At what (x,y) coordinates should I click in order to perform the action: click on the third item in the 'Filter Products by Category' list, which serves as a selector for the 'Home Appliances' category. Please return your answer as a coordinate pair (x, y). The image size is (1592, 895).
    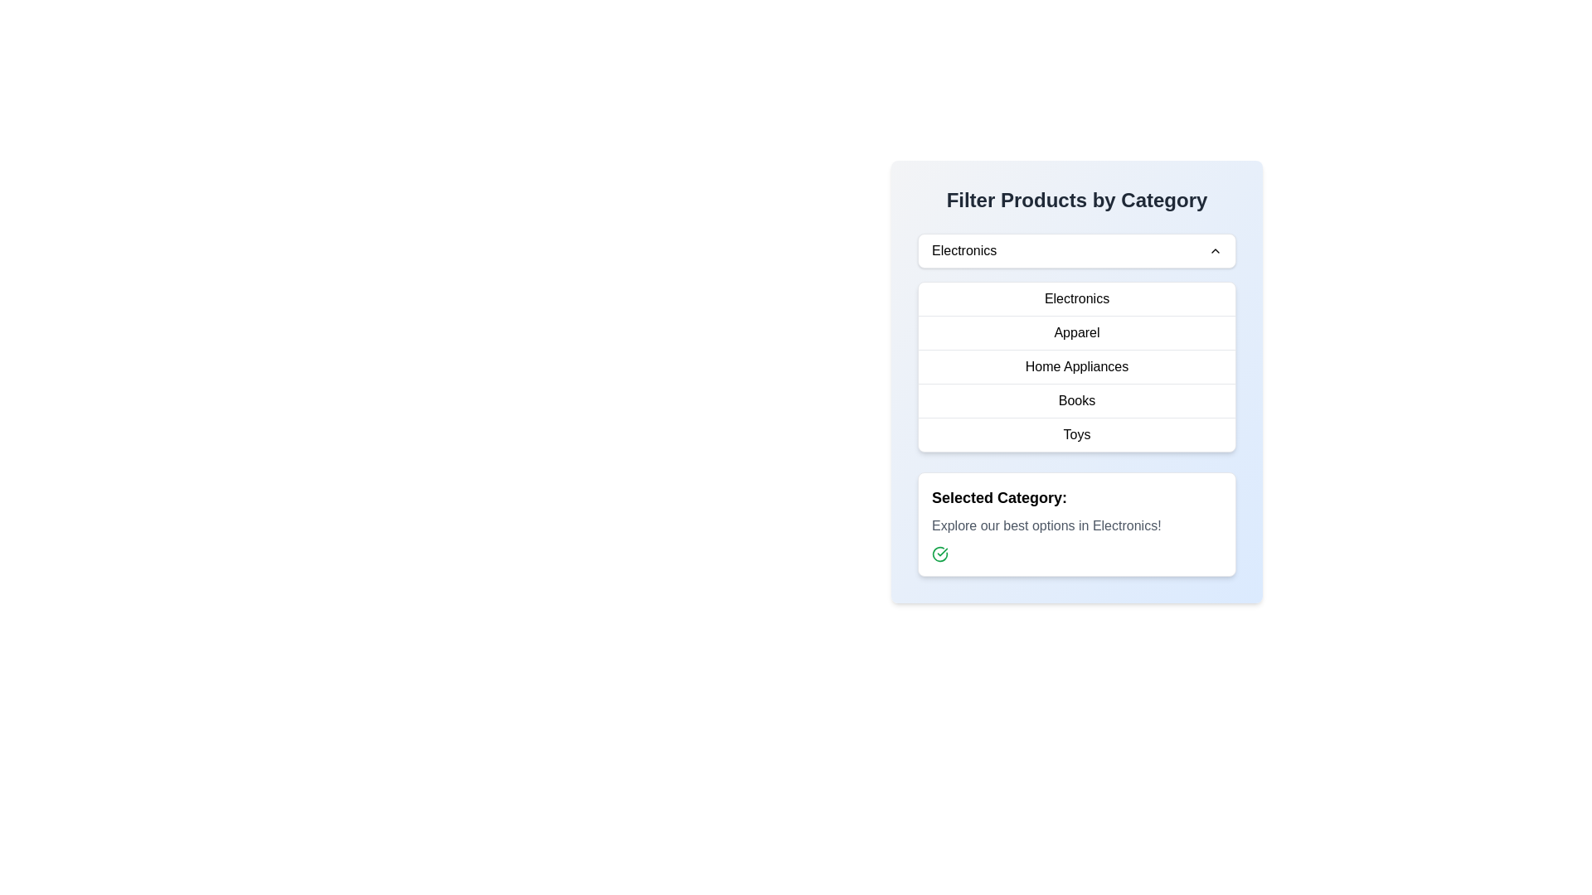
    Looking at the image, I should click on (1077, 365).